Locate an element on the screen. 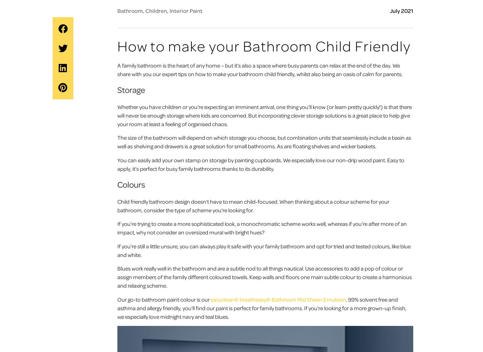  'Child friendly bathroom design doesn’t have to mean child-focused. When thinking about a colour scheme for your bathroom, consider the type of scheme you’re looking for.' is located at coordinates (253, 206).